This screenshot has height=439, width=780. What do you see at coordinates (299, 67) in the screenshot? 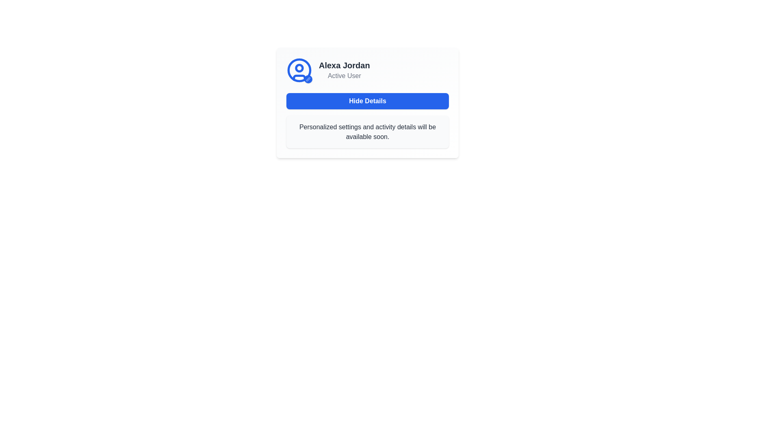
I see `SVG Circle element that is part of the user icon, specifically the smaller circle positioned at the upper part of the icon` at bounding box center [299, 67].